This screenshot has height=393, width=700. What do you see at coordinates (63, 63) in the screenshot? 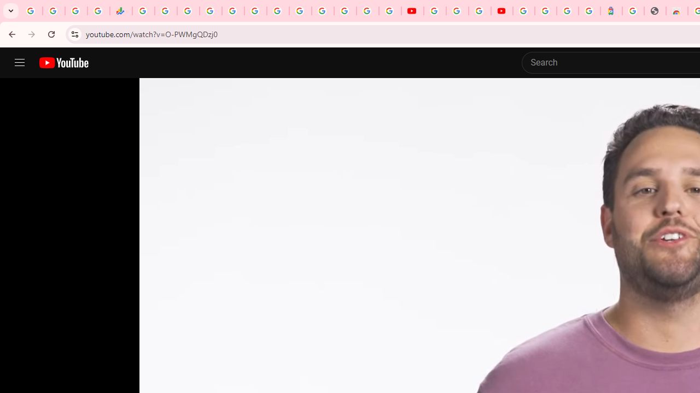
I see `'YouTube Home'` at bounding box center [63, 63].